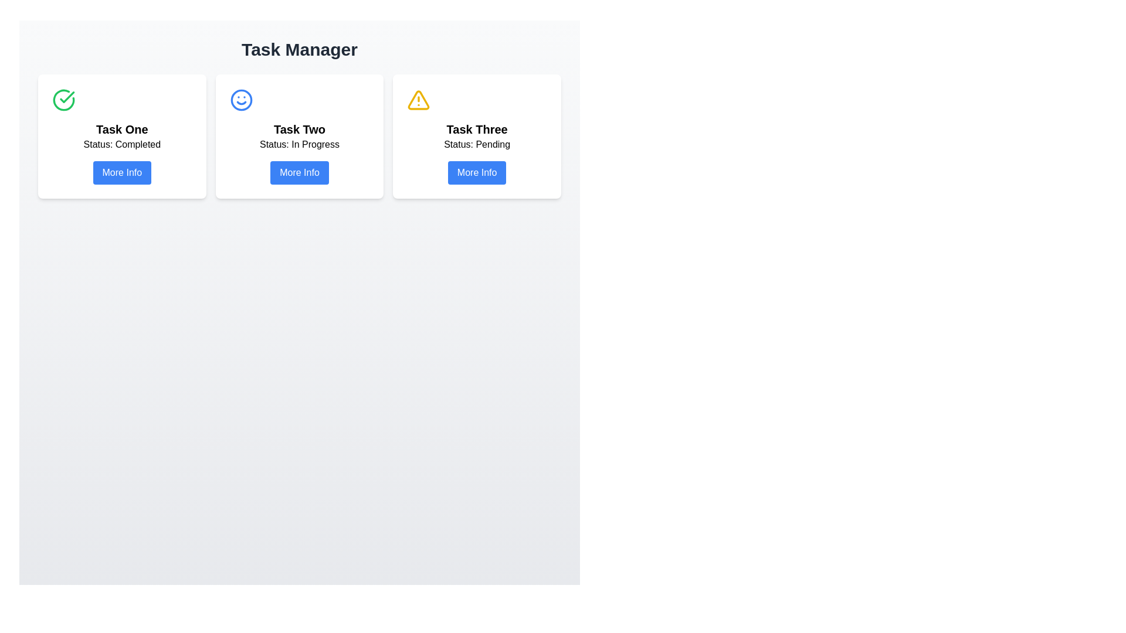  Describe the element at coordinates (63, 99) in the screenshot. I see `the completion status icon located at the top-left corner of the 'Task One' card, which indicates the task's completion status` at that location.